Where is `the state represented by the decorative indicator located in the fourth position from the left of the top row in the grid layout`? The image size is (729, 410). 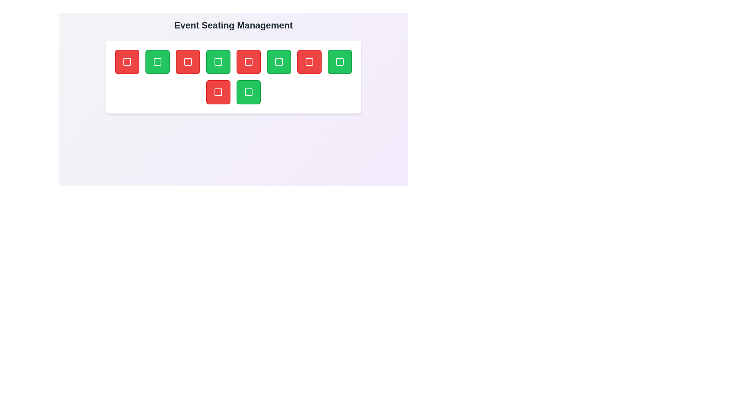 the state represented by the decorative indicator located in the fourth position from the left of the top row in the grid layout is located at coordinates (218, 61).